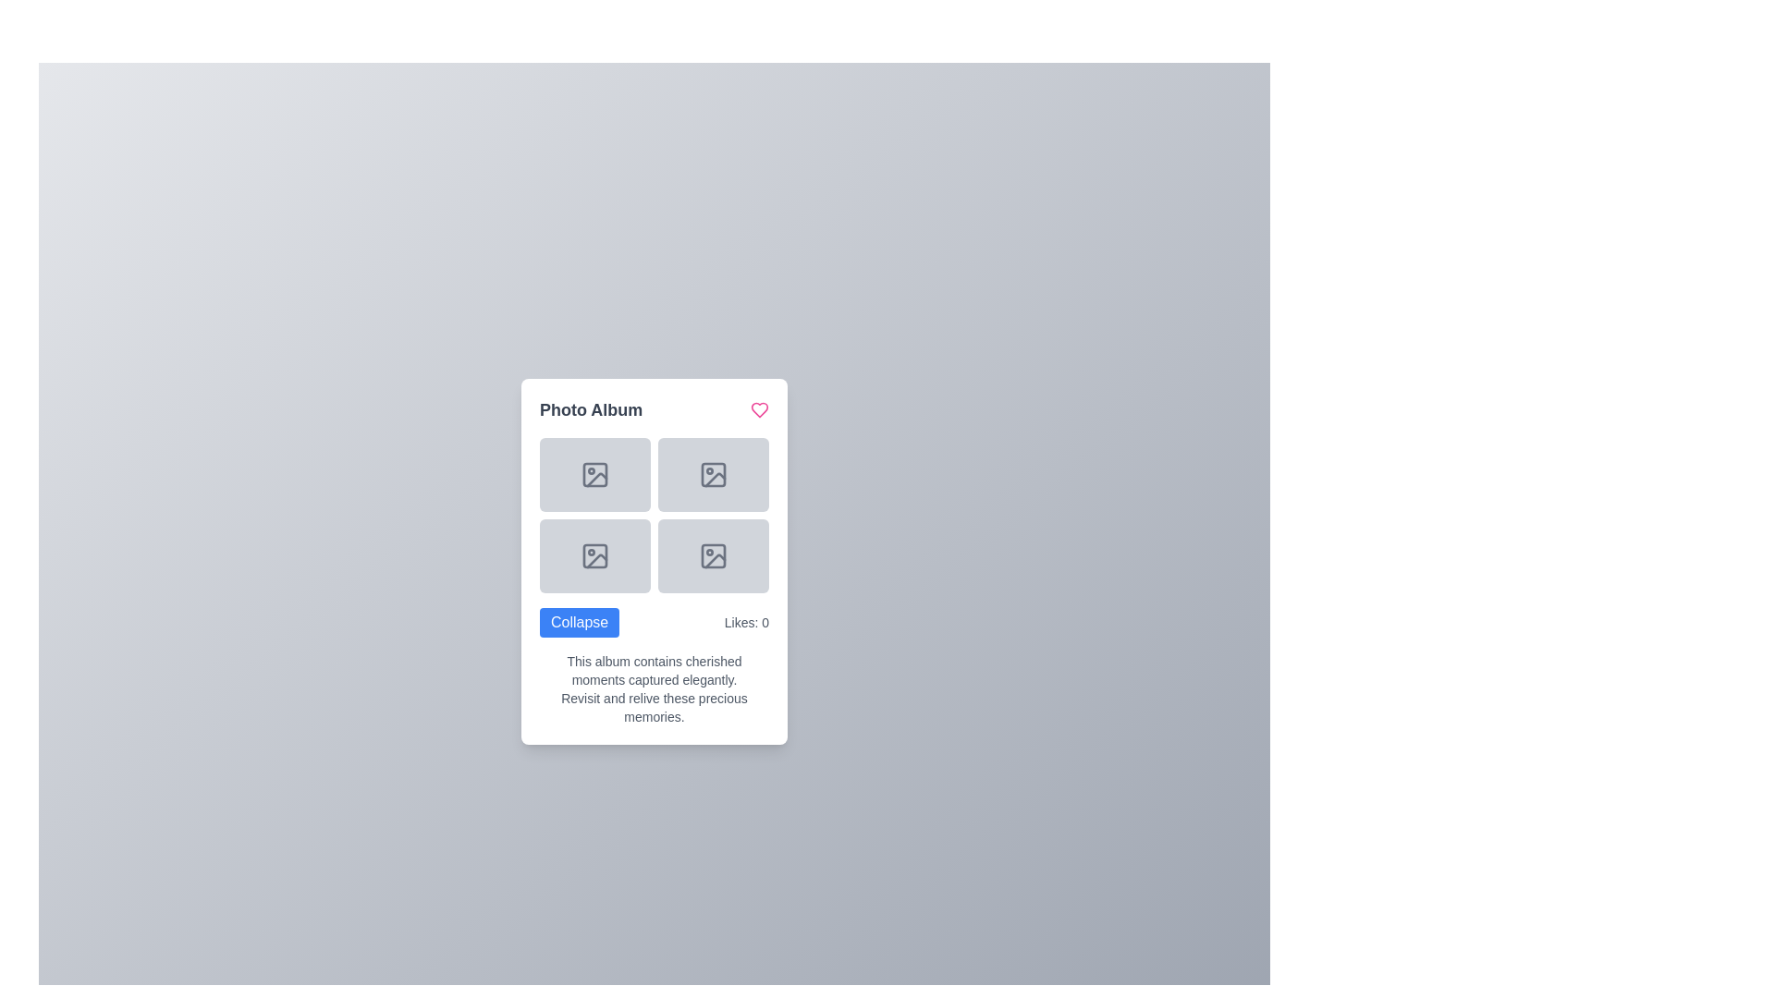  Describe the element at coordinates (655, 688) in the screenshot. I see `the static text label at the bottom of the 'Photo Album' card, which describes emotional and nostalgic themes with phrases like 'cherished moments' and 'relive these precious memories'` at that location.